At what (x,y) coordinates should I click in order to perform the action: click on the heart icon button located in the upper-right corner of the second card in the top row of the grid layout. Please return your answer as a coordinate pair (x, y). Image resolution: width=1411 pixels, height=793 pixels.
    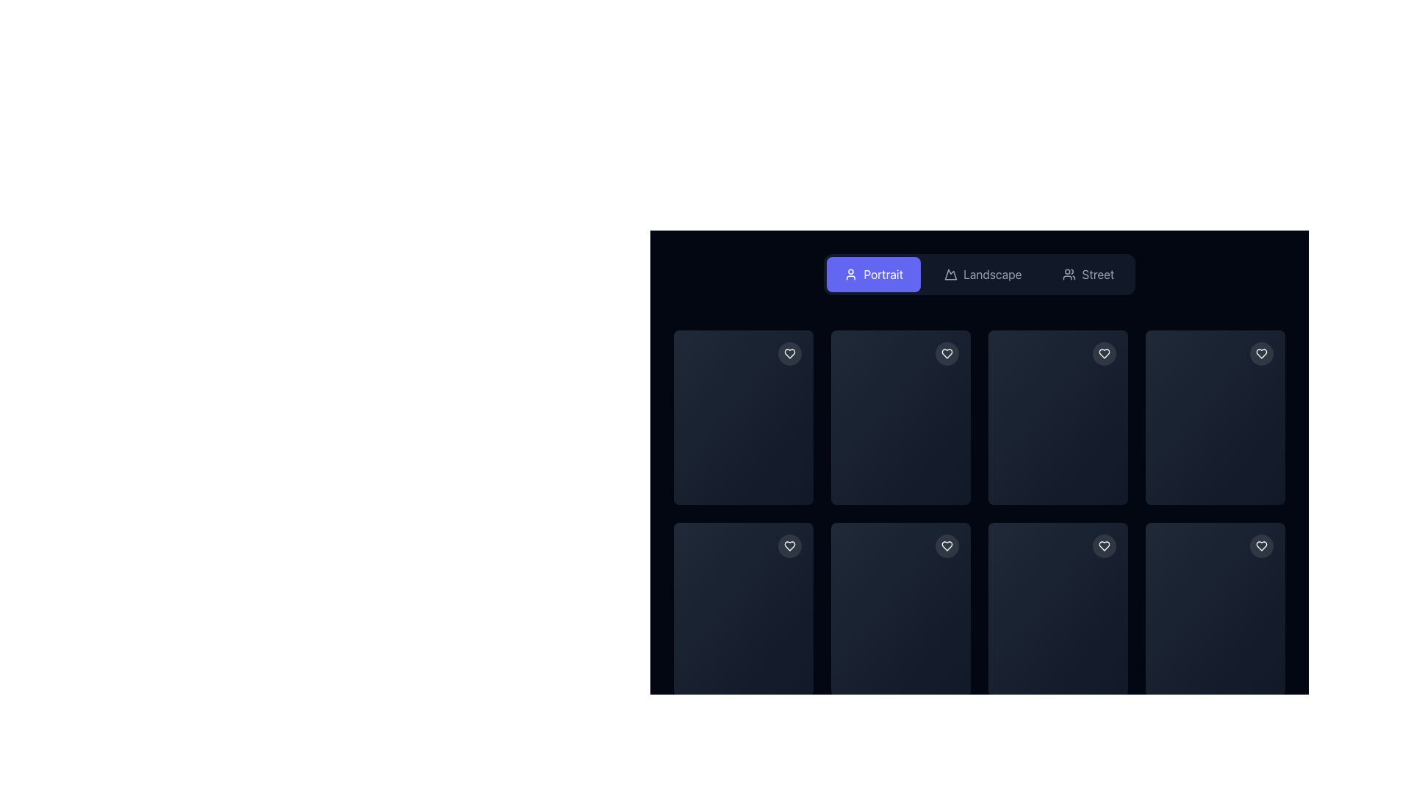
    Looking at the image, I should click on (947, 354).